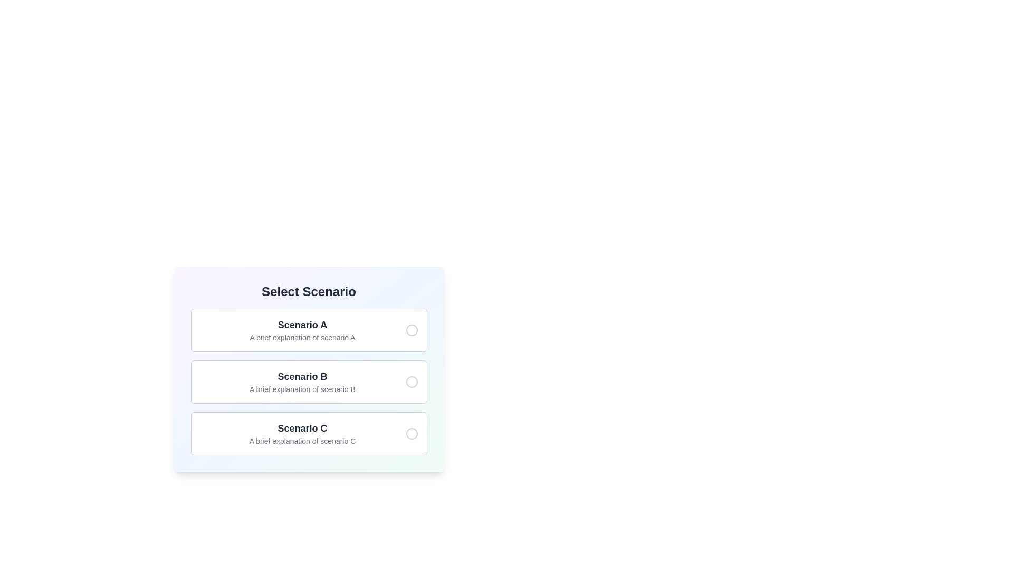  What do you see at coordinates (411, 329) in the screenshot?
I see `the unselected radio button for 'Scenario A'` at bounding box center [411, 329].